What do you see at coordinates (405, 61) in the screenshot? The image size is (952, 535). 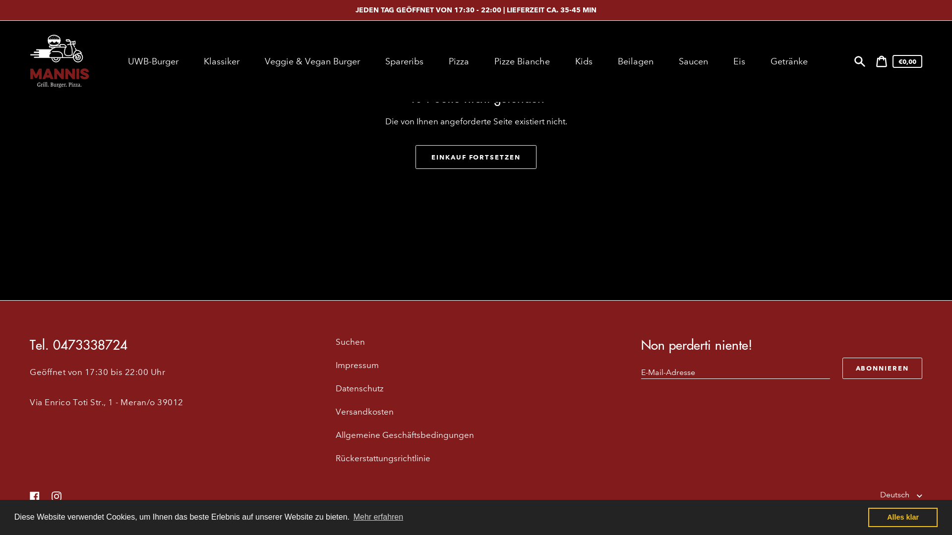 I see `'Spareribs'` at bounding box center [405, 61].